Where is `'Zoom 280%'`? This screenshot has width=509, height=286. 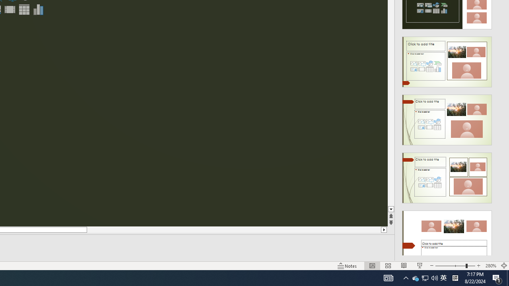 'Zoom 280%' is located at coordinates (490, 266).